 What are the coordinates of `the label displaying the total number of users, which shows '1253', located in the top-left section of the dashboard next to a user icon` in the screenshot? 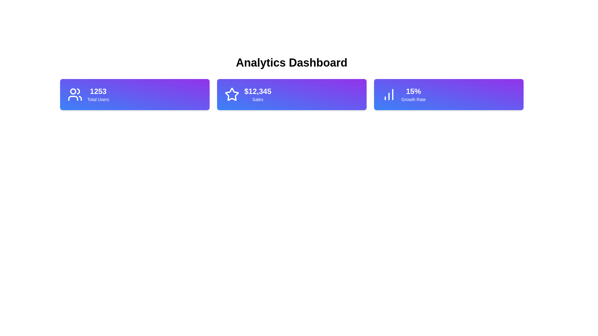 It's located at (98, 95).